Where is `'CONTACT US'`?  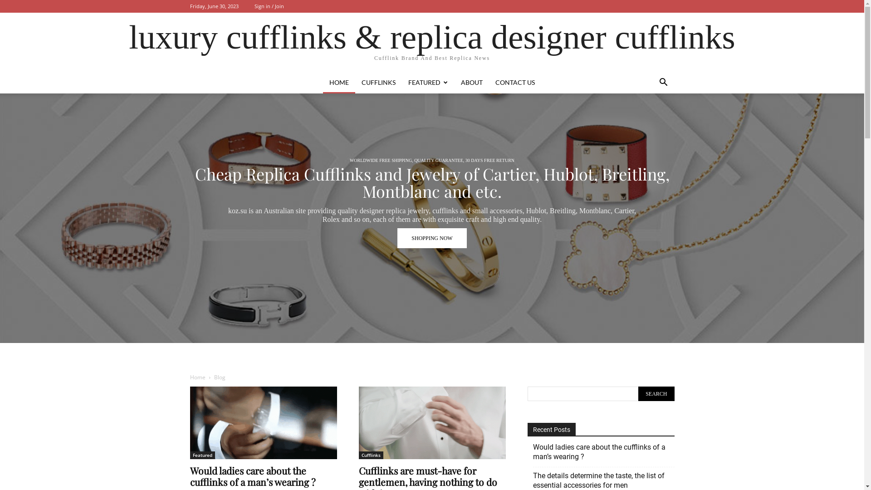
'CONTACT US' is located at coordinates (515, 82).